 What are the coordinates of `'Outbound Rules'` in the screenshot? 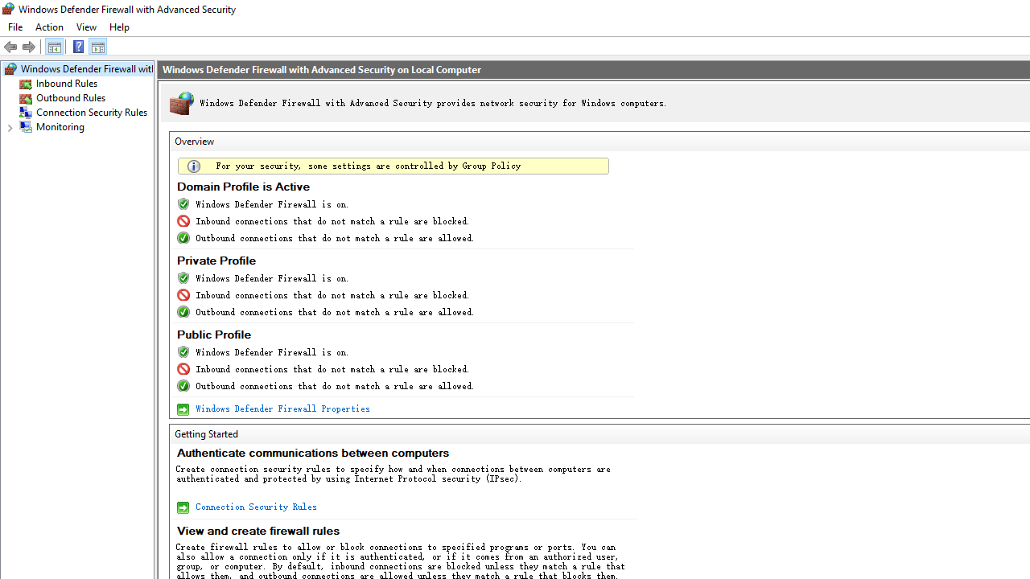 It's located at (70, 98).